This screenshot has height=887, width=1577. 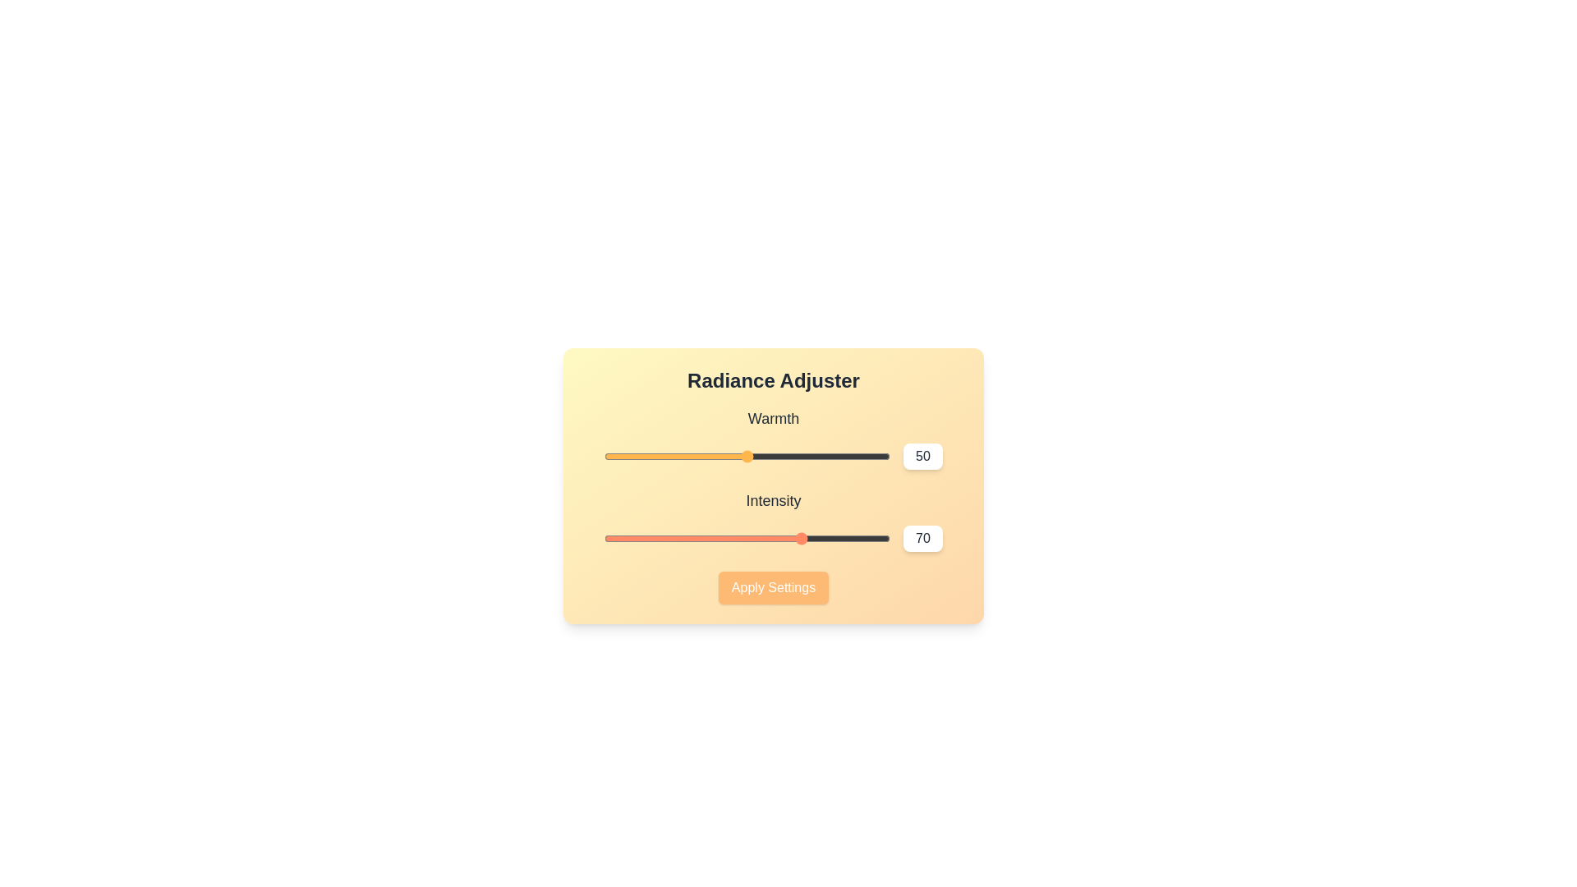 I want to click on the 'Warmth' slider to 15, so click(x=646, y=456).